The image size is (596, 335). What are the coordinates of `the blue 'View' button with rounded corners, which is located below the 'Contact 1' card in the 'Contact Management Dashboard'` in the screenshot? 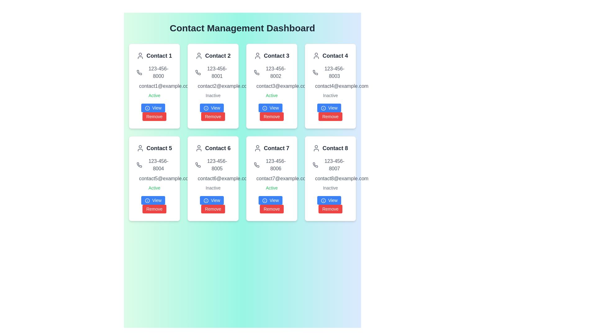 It's located at (153, 107).